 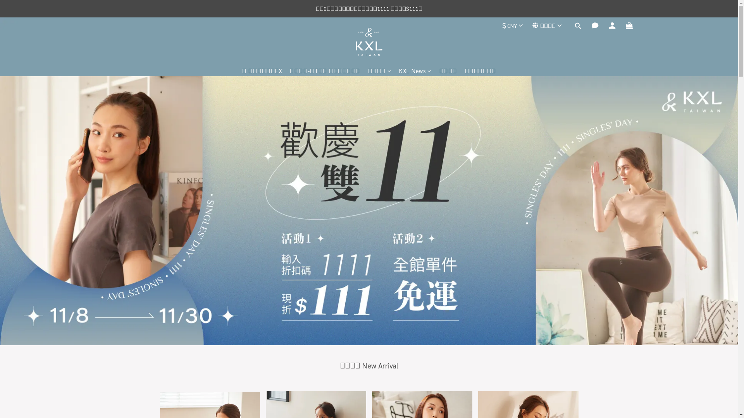 I want to click on 'KXL News', so click(x=415, y=70).